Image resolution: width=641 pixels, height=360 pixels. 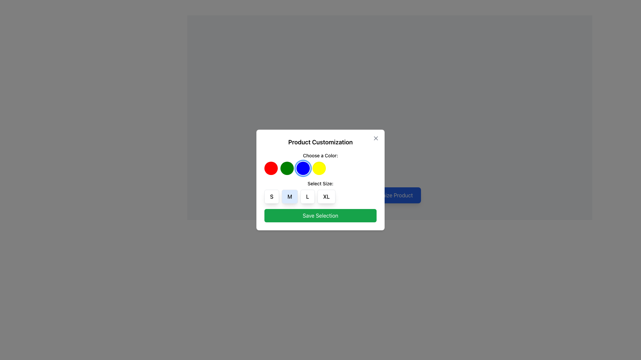 What do you see at coordinates (390, 195) in the screenshot?
I see `the button located at the bottom-right corner of the product customization interface` at bounding box center [390, 195].